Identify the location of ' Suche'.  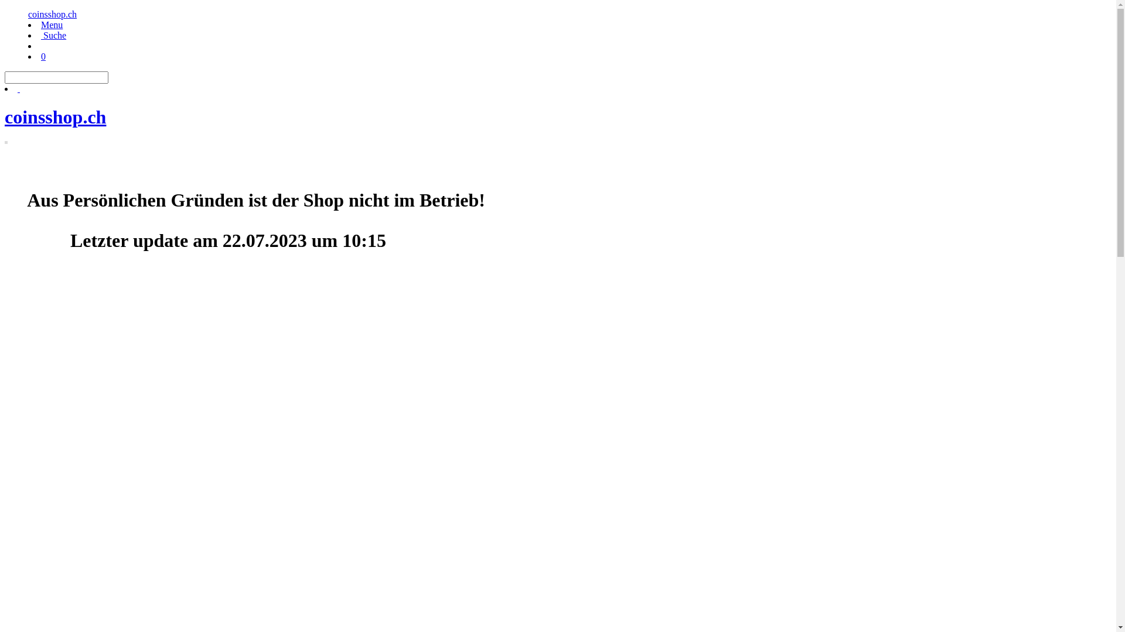
(53, 35).